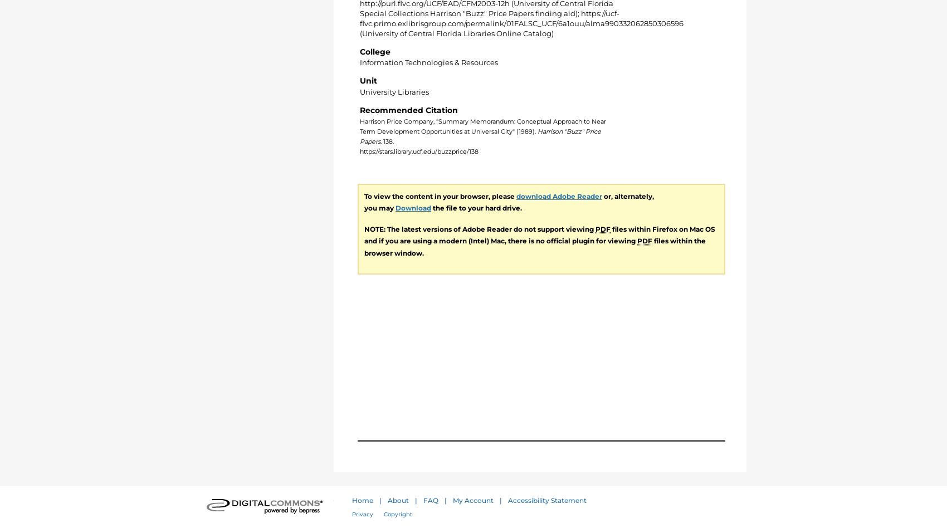 The width and height of the screenshot is (947, 528). Describe the element at coordinates (368, 80) in the screenshot. I see `'Unit'` at that location.